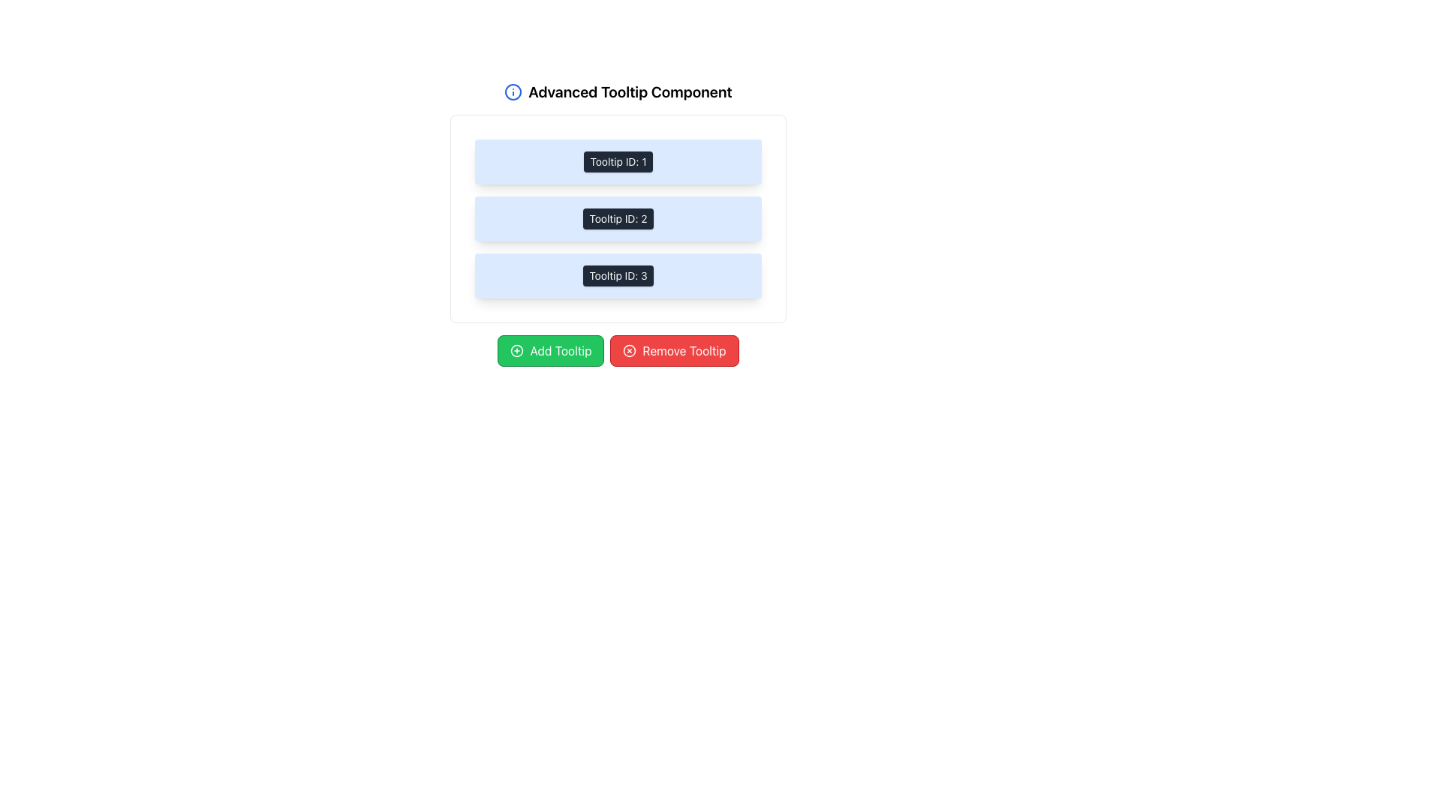 Image resolution: width=1441 pixels, height=810 pixels. I want to click on the informative icon located to the left of the title 'Advanced Tooltip Component', so click(513, 92).